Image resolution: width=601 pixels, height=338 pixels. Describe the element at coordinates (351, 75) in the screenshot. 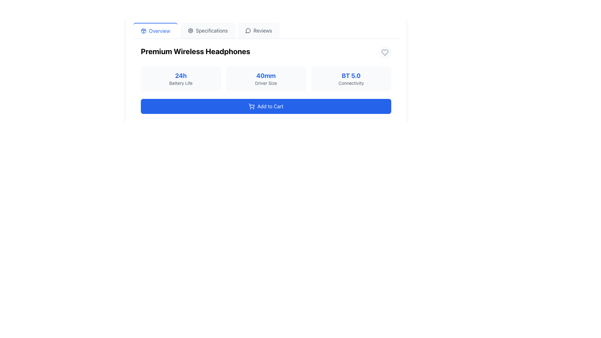

I see `the text label displaying 'BT 5.0' in bold, large blue font, which is centrally located in the features overview panel` at that location.